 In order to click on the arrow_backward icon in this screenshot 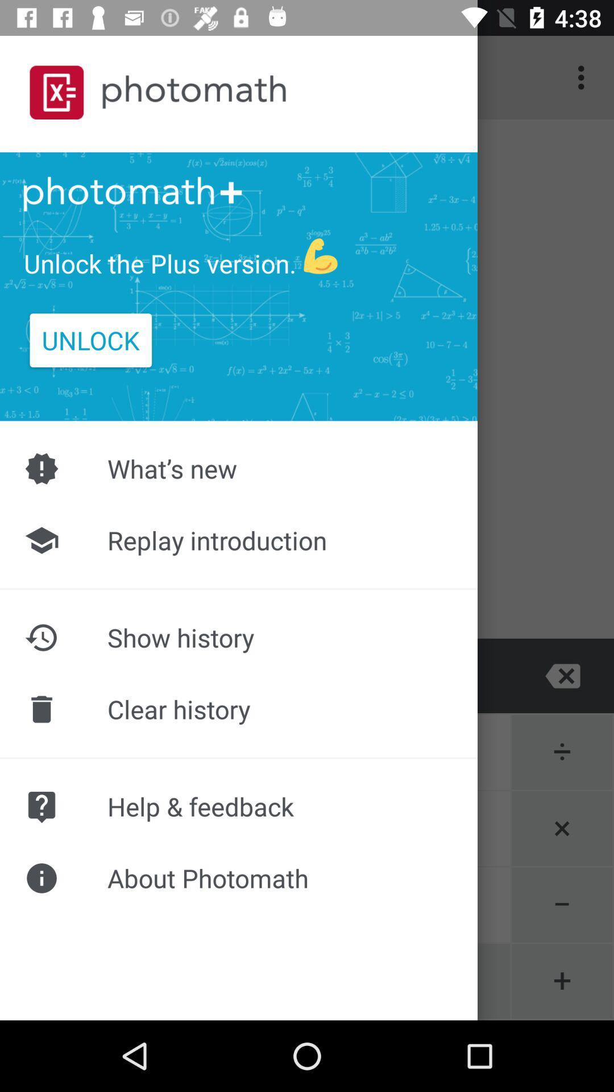, I will do `click(153, 676)`.